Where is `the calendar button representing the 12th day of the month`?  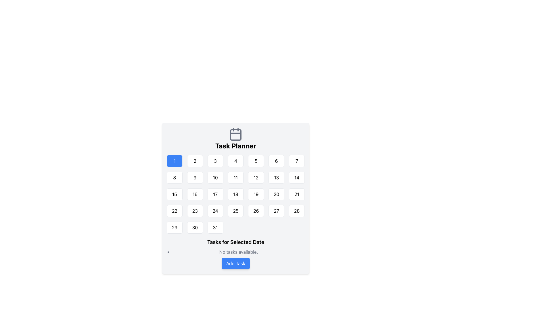
the calendar button representing the 12th day of the month is located at coordinates (256, 177).